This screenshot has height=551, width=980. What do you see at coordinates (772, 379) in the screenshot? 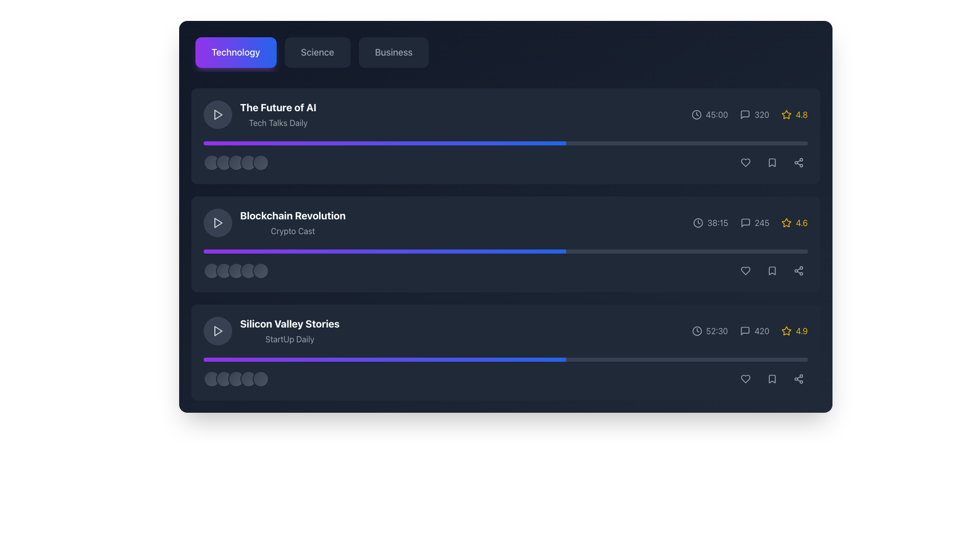
I see `the bookmark icon located on the rightmost side of the bottom row, adjacent to the heart and share icons` at bounding box center [772, 379].